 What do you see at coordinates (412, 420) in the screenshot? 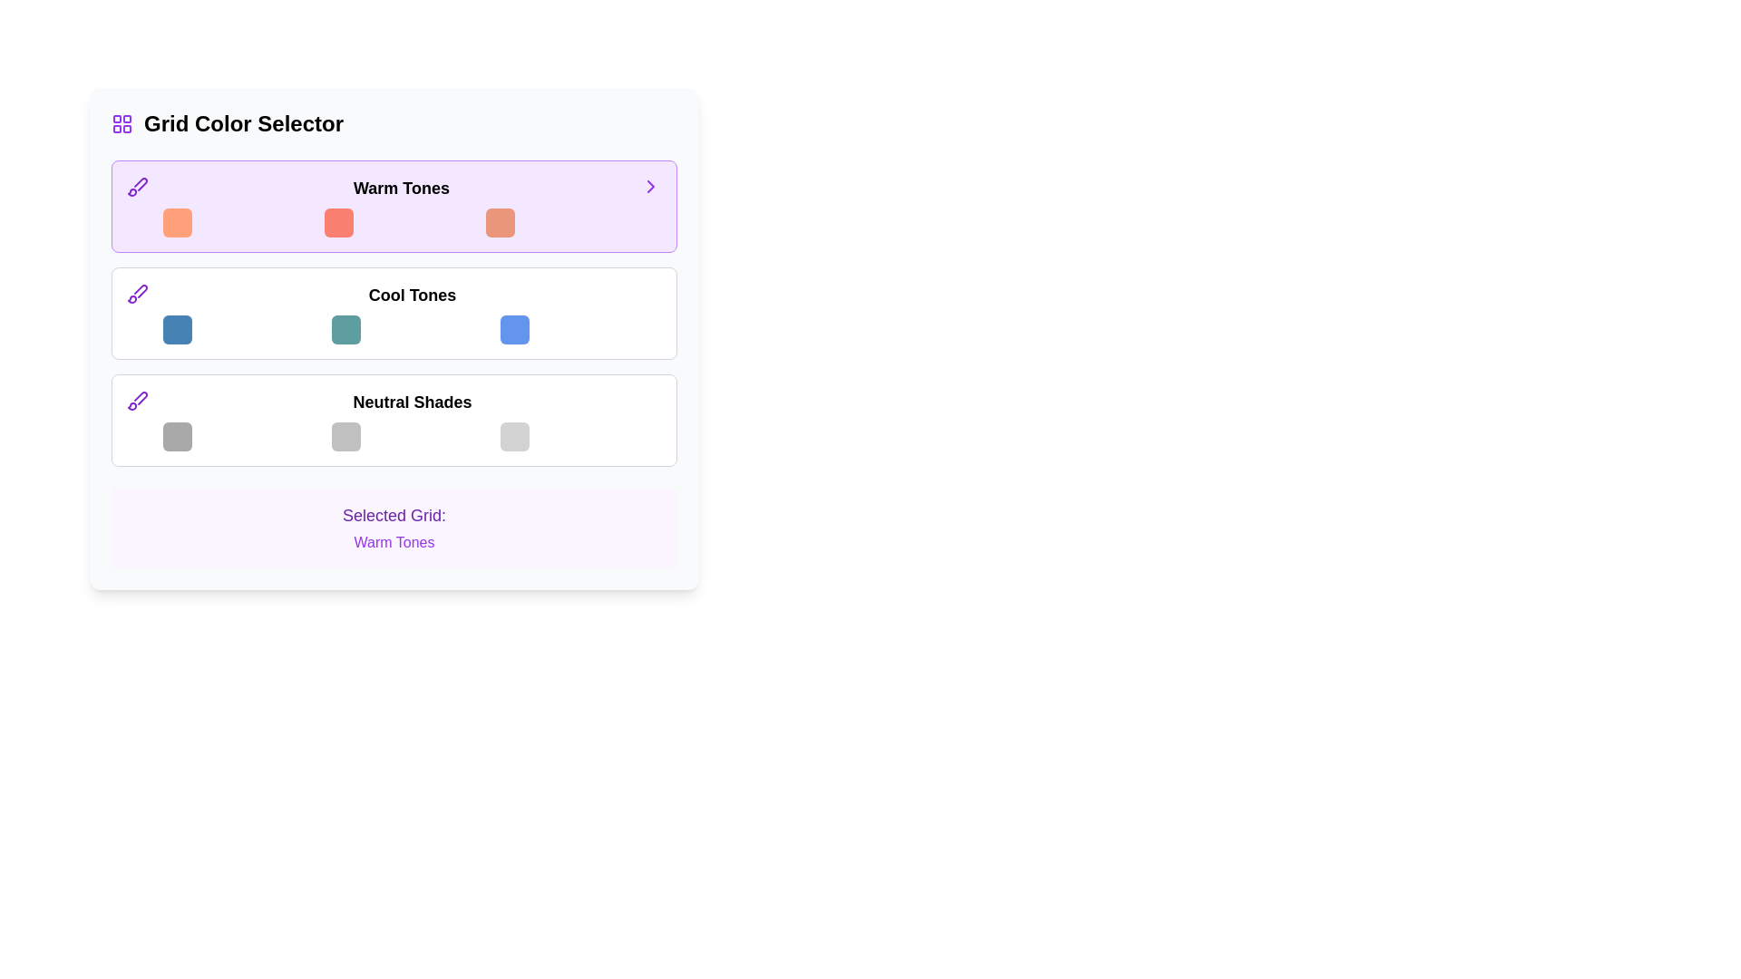
I see `an individual color button within the 'Neutral Shades' Labeled Color Selection Grid, which is located below the 'Warm Tones' and 'Cool Tones' sections` at bounding box center [412, 420].